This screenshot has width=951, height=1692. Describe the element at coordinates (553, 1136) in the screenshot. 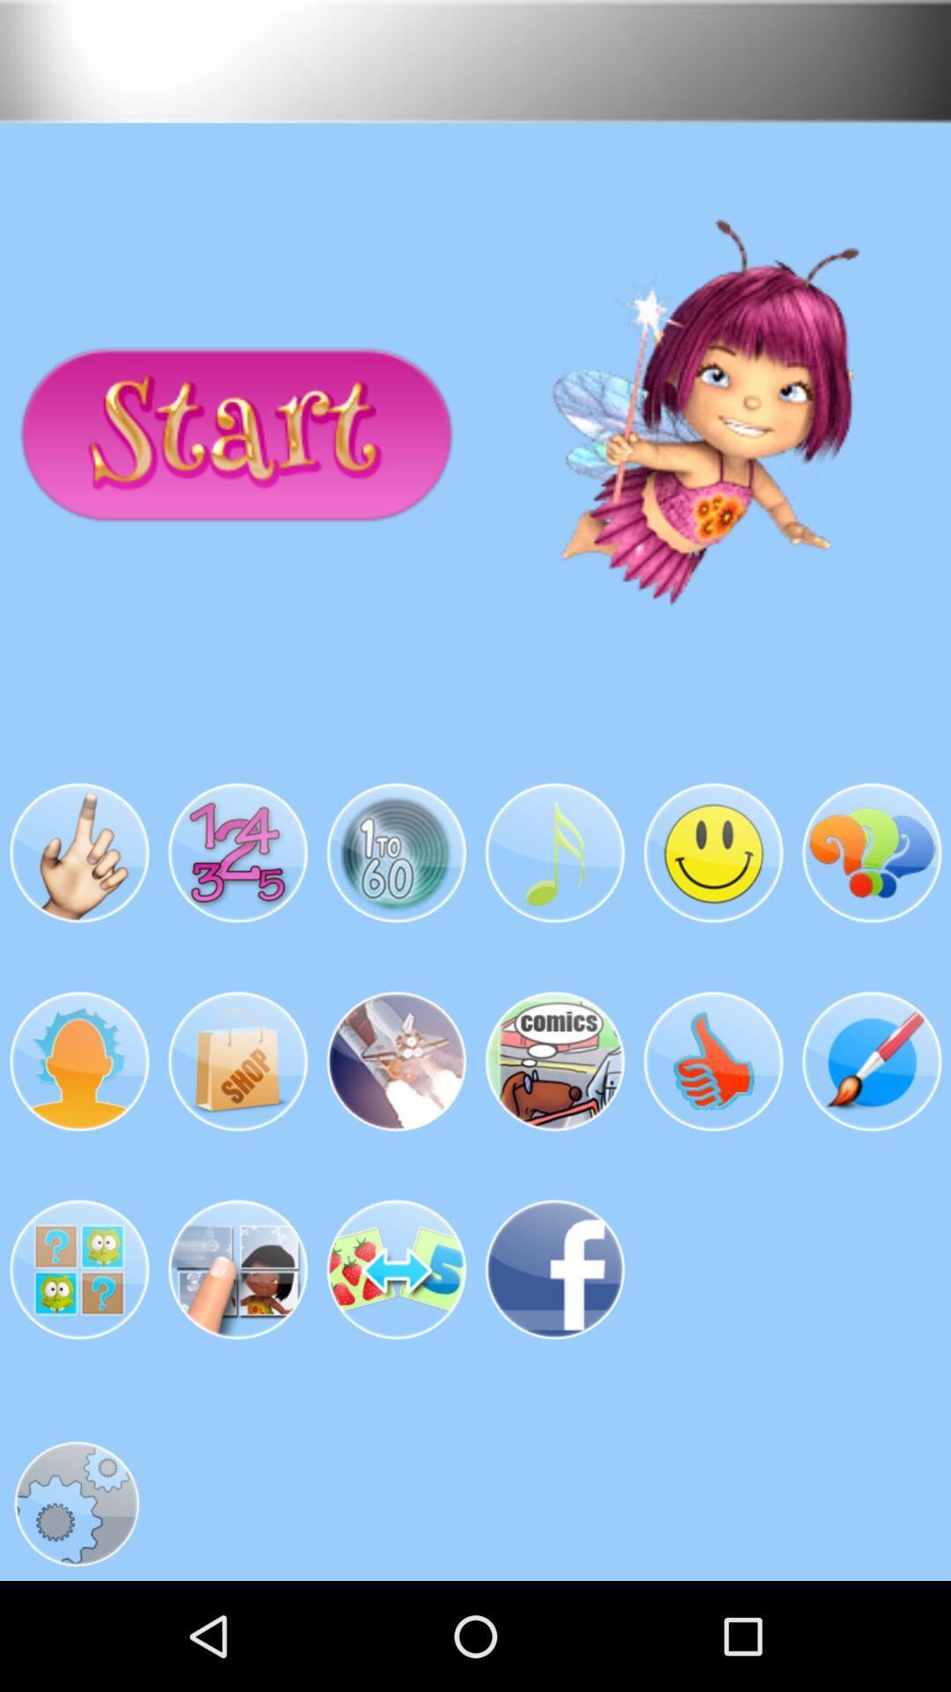

I see `the list icon` at that location.